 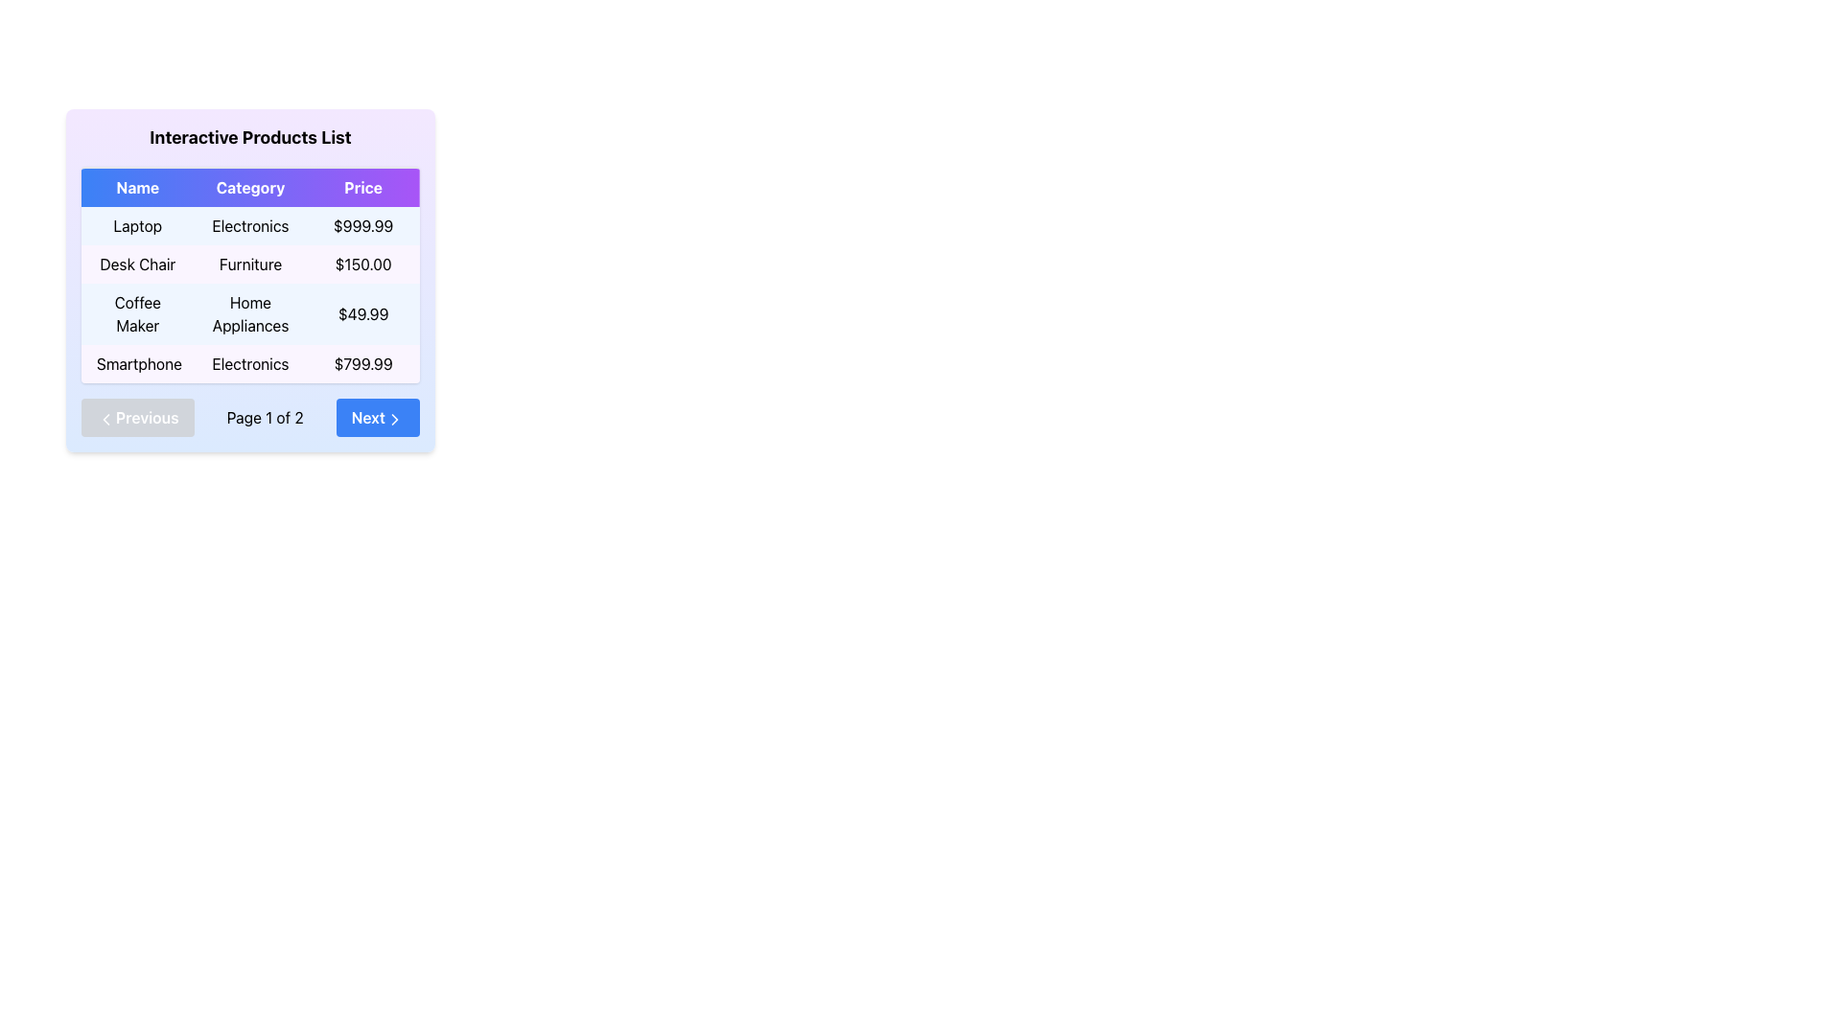 What do you see at coordinates (363, 264) in the screenshot?
I see `price text of the 'Desk Chair' located in the third column of the second row in the 'Interactive Products List' table` at bounding box center [363, 264].